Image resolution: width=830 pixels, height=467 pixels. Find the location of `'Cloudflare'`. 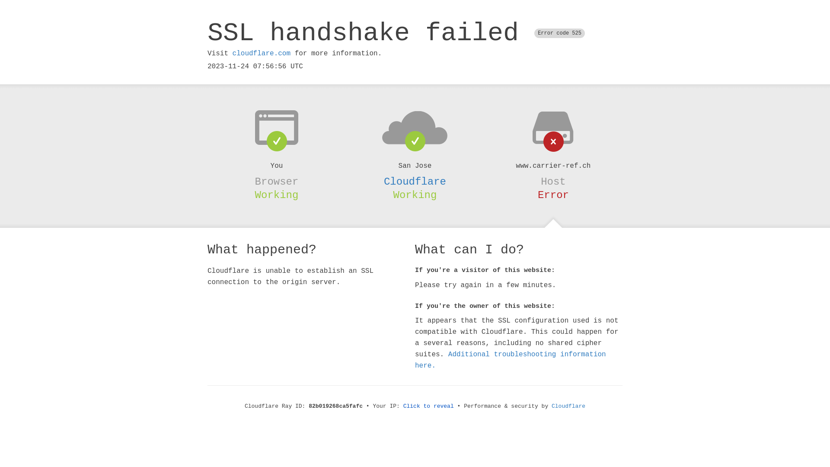

'Cloudflare' is located at coordinates (415, 181).